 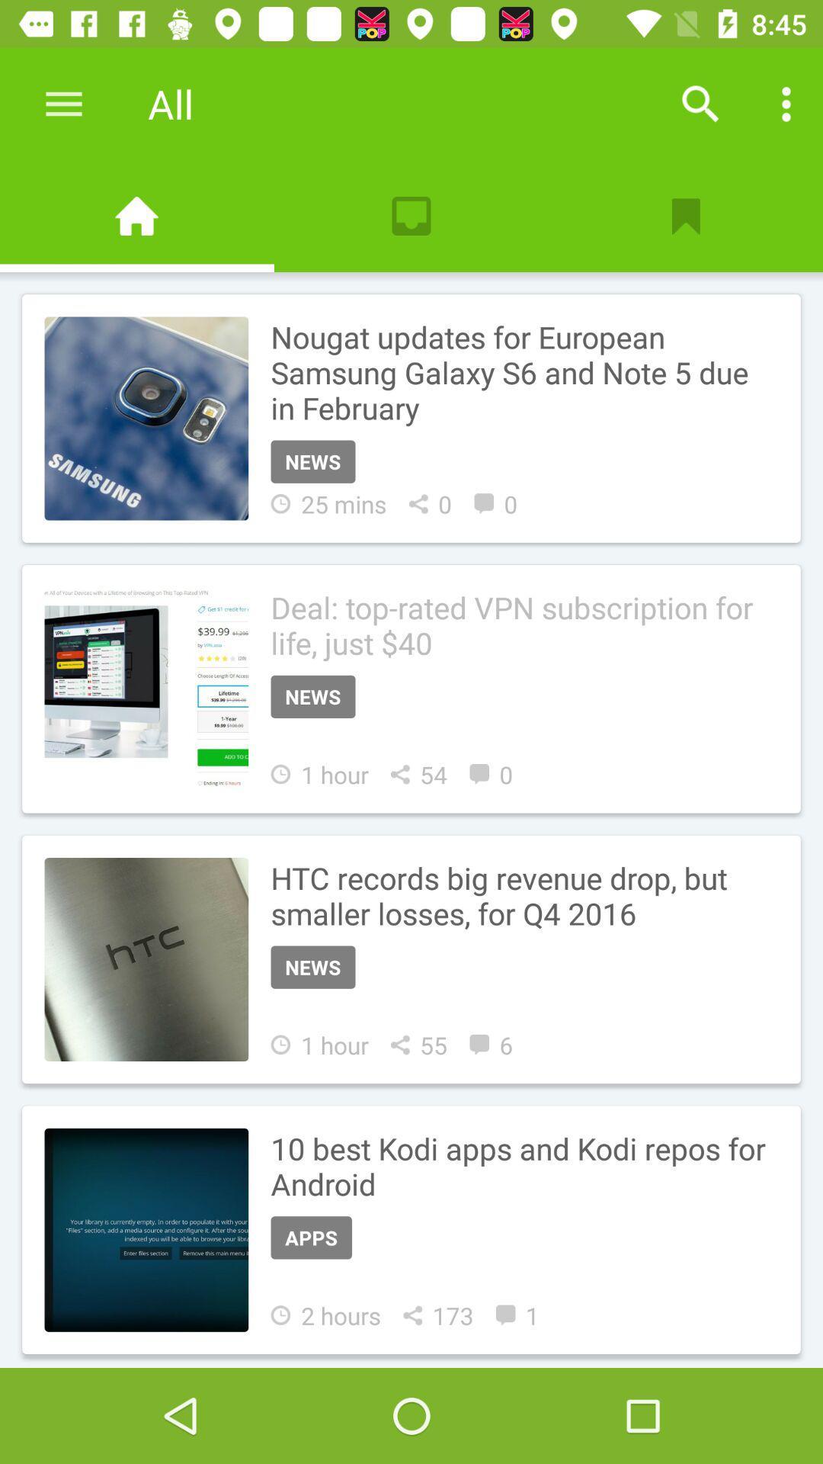 What do you see at coordinates (700, 103) in the screenshot?
I see `search button` at bounding box center [700, 103].